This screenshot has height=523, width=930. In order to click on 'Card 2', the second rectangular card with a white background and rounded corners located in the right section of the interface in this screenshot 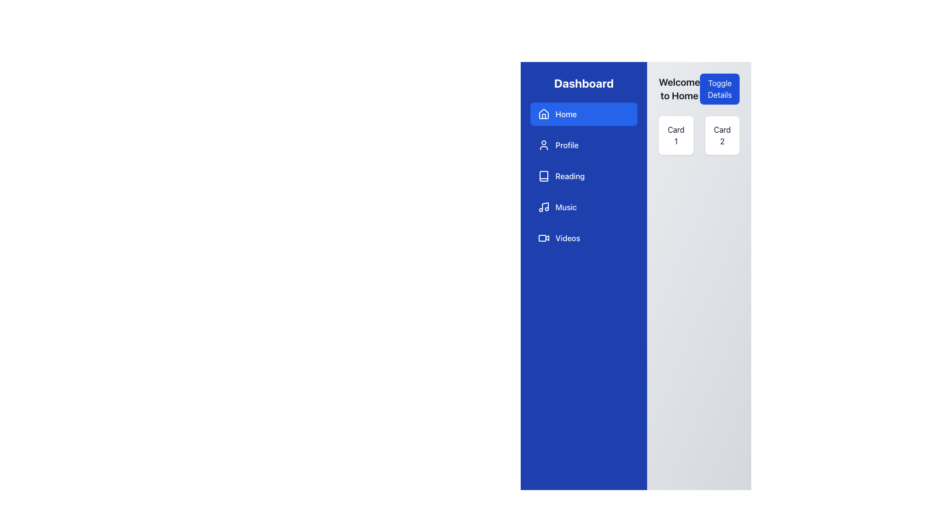, I will do `click(722, 136)`.